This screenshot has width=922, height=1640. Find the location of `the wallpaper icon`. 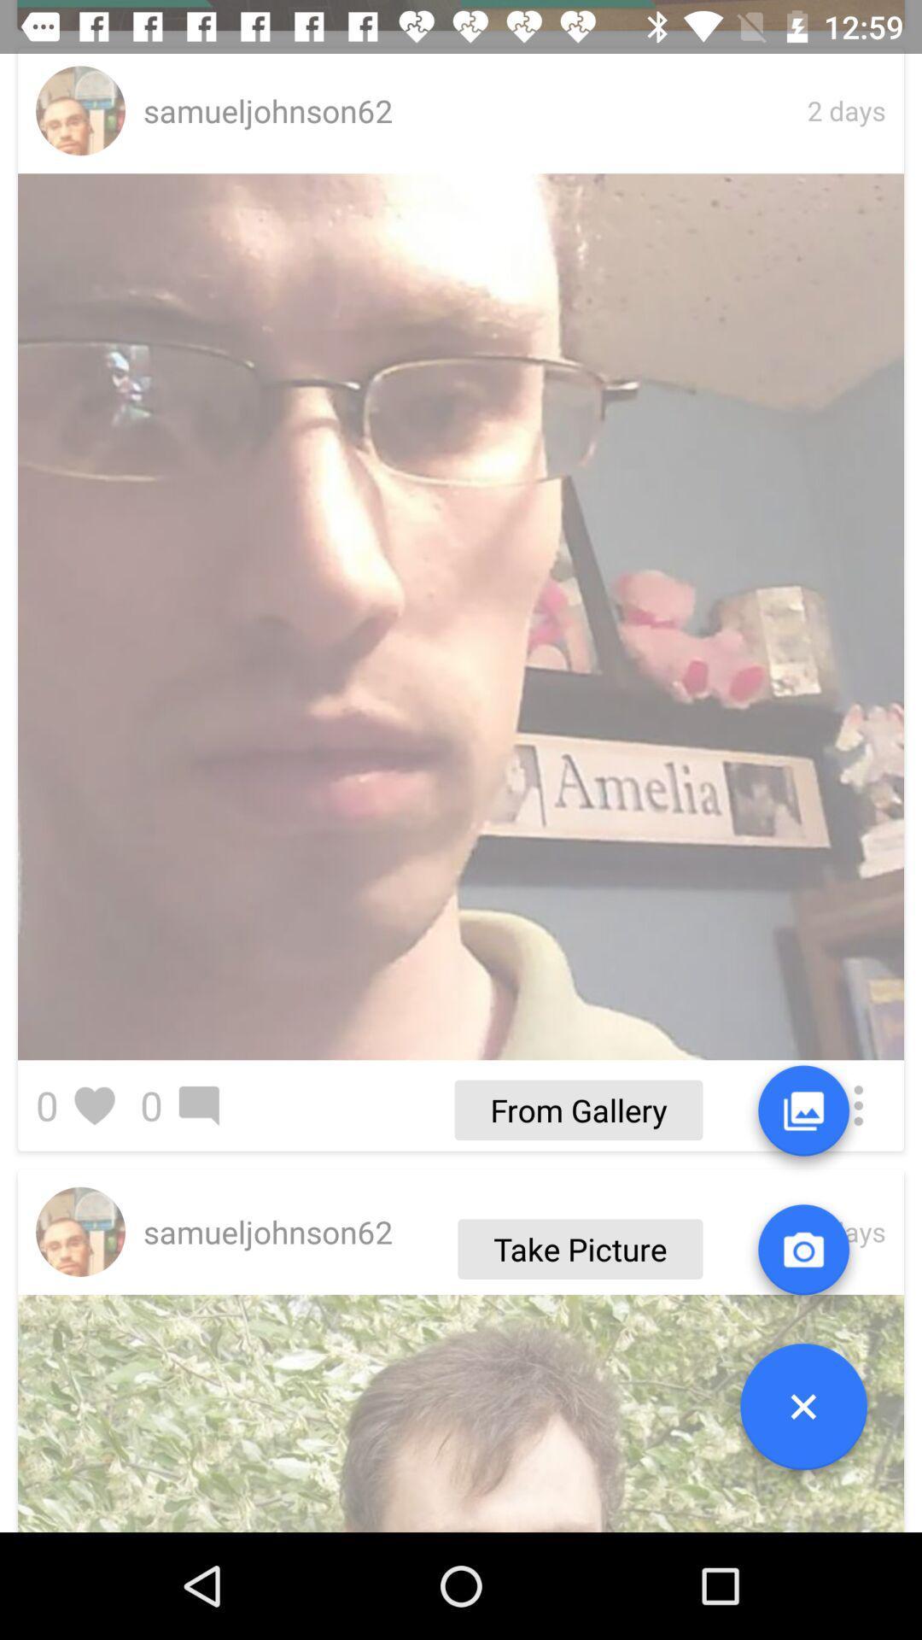

the wallpaper icon is located at coordinates (803, 1117).